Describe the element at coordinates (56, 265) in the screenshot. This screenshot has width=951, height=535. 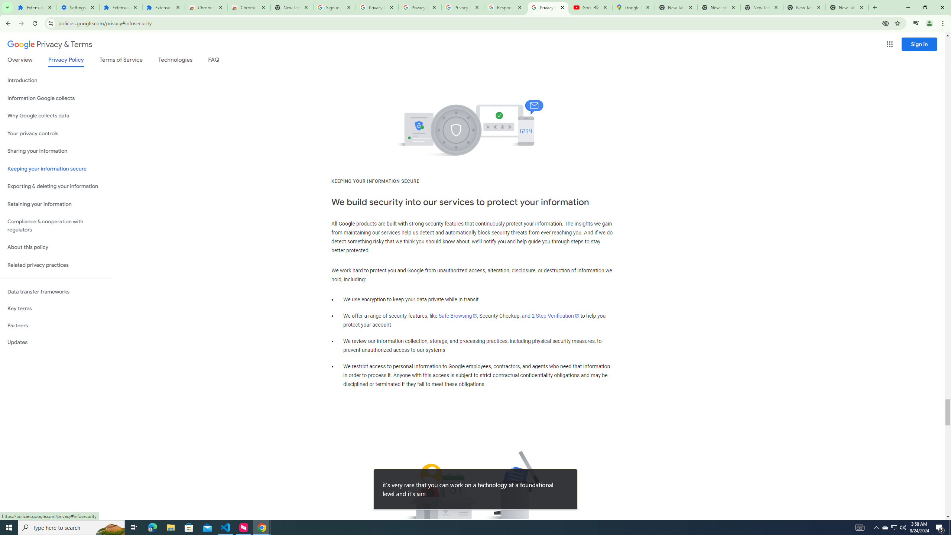
I see `'Related privacy practices'` at that location.